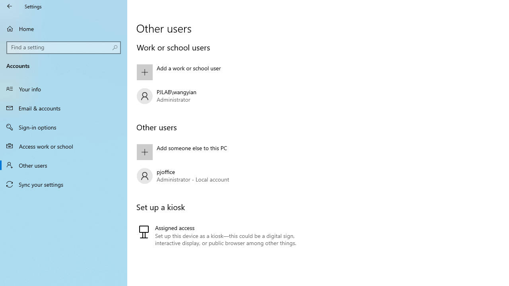 Image resolution: width=509 pixels, height=286 pixels. I want to click on 'Other users', so click(64, 164).